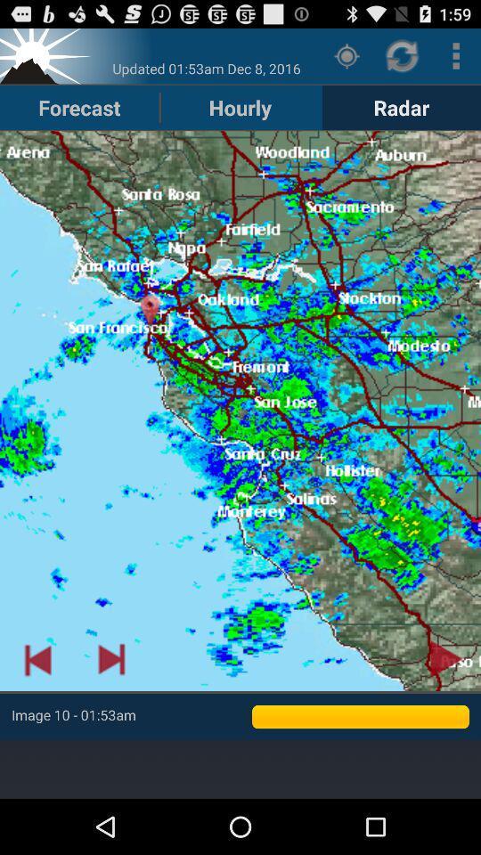 This screenshot has width=481, height=855. What do you see at coordinates (111, 704) in the screenshot?
I see `the skip_next icon` at bounding box center [111, 704].